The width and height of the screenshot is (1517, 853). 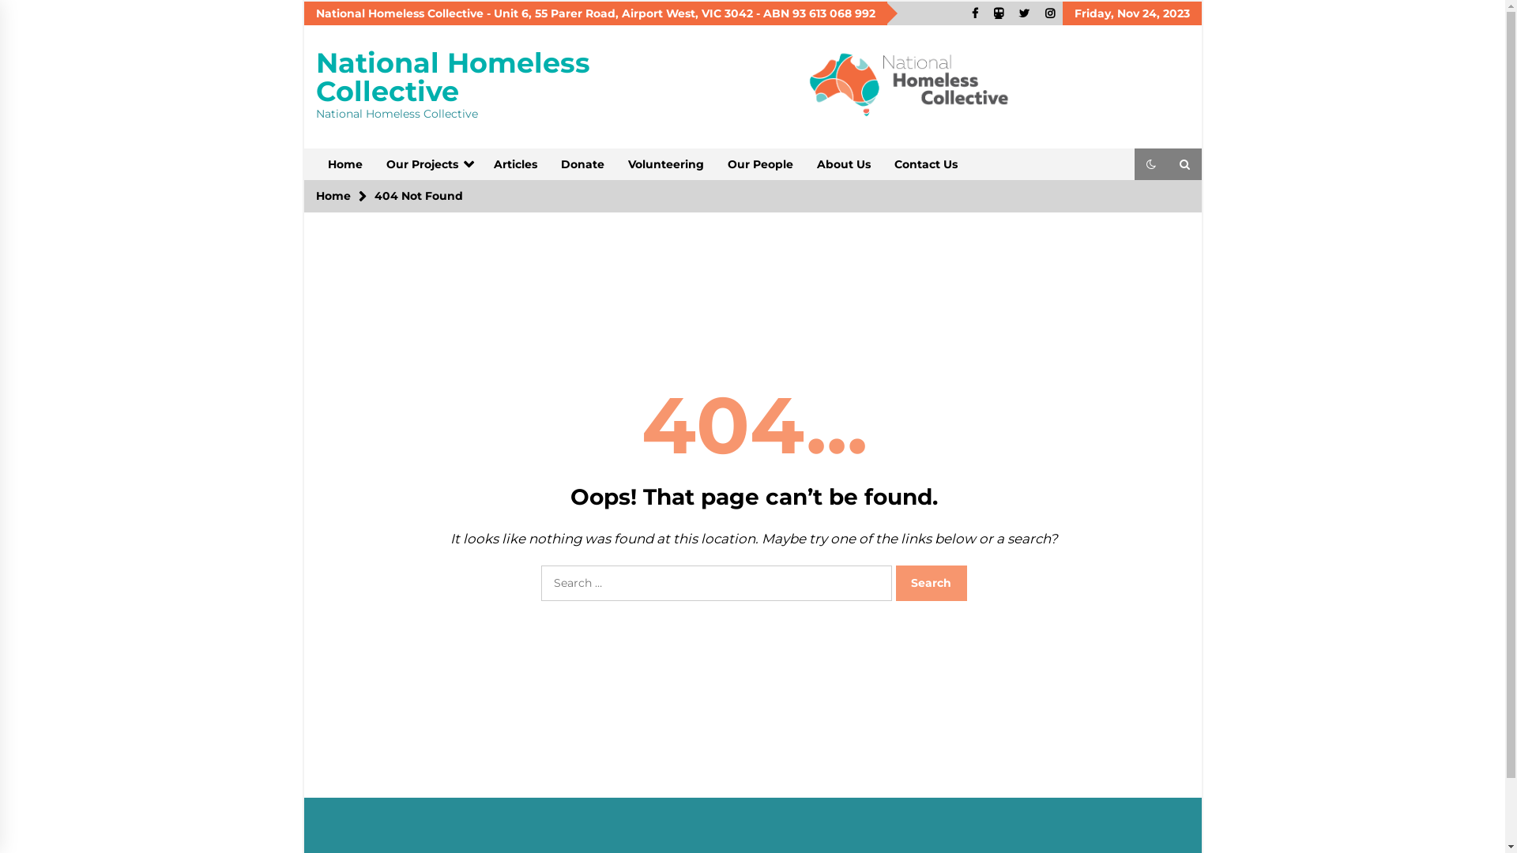 What do you see at coordinates (480, 164) in the screenshot?
I see `'Articles'` at bounding box center [480, 164].